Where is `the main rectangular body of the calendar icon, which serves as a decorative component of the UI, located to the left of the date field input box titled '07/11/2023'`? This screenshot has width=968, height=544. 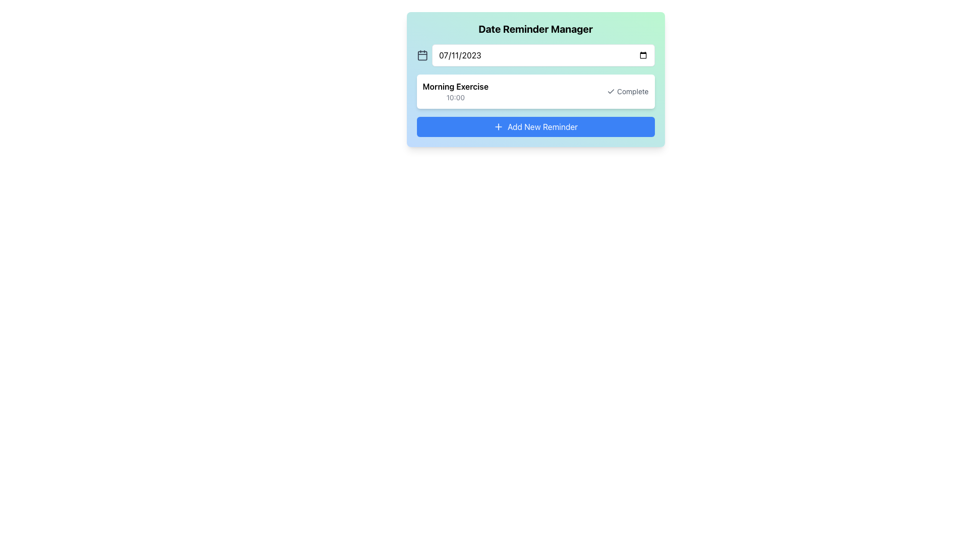
the main rectangular body of the calendar icon, which serves as a decorative component of the UI, located to the left of the date field input box titled '07/11/2023' is located at coordinates (422, 55).